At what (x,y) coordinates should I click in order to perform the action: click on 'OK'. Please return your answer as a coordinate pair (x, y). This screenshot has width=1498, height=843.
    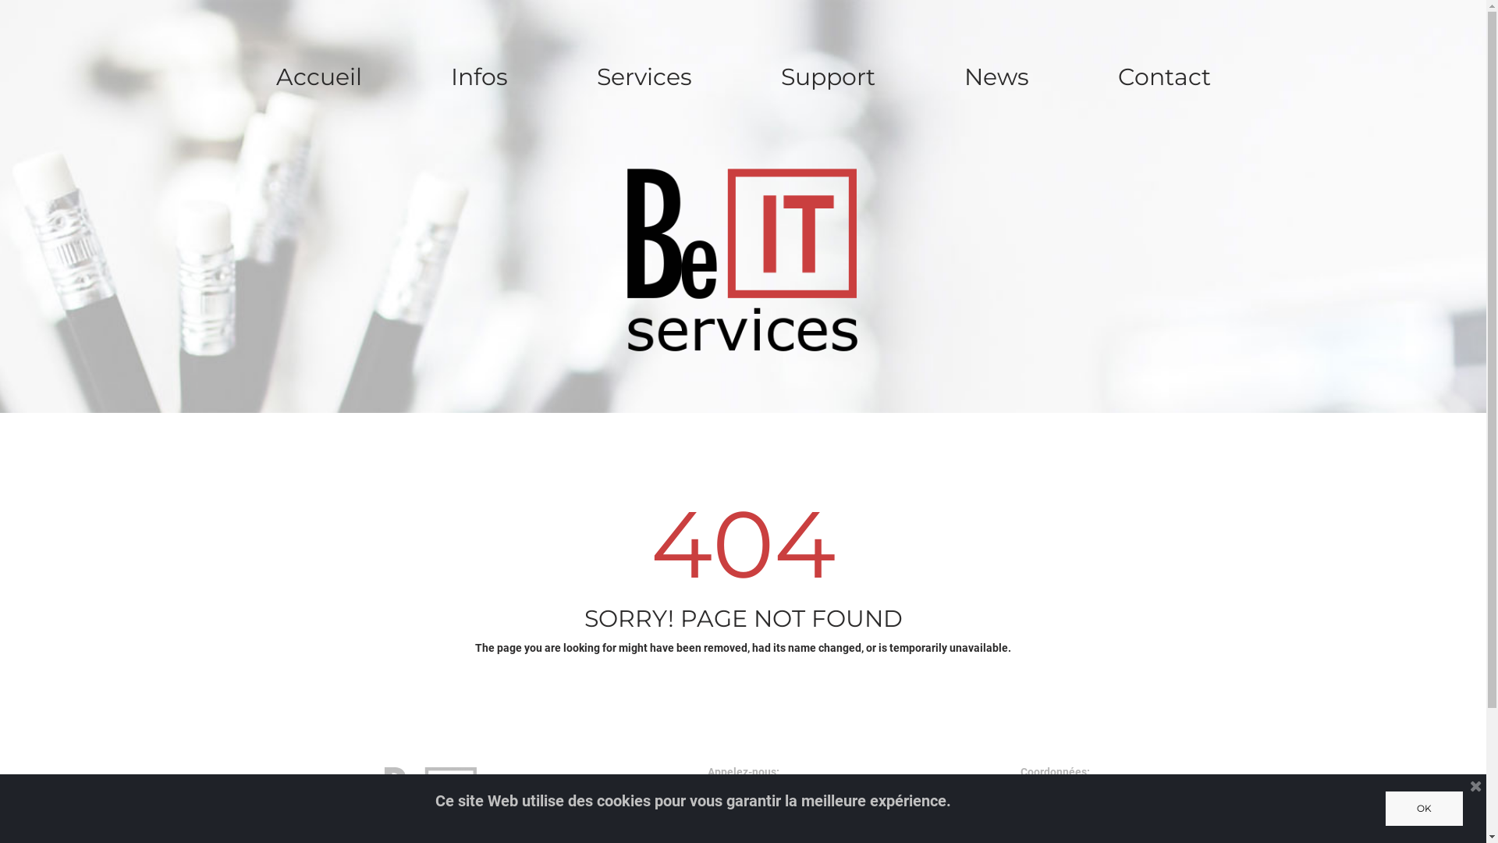
    Looking at the image, I should click on (1424, 808).